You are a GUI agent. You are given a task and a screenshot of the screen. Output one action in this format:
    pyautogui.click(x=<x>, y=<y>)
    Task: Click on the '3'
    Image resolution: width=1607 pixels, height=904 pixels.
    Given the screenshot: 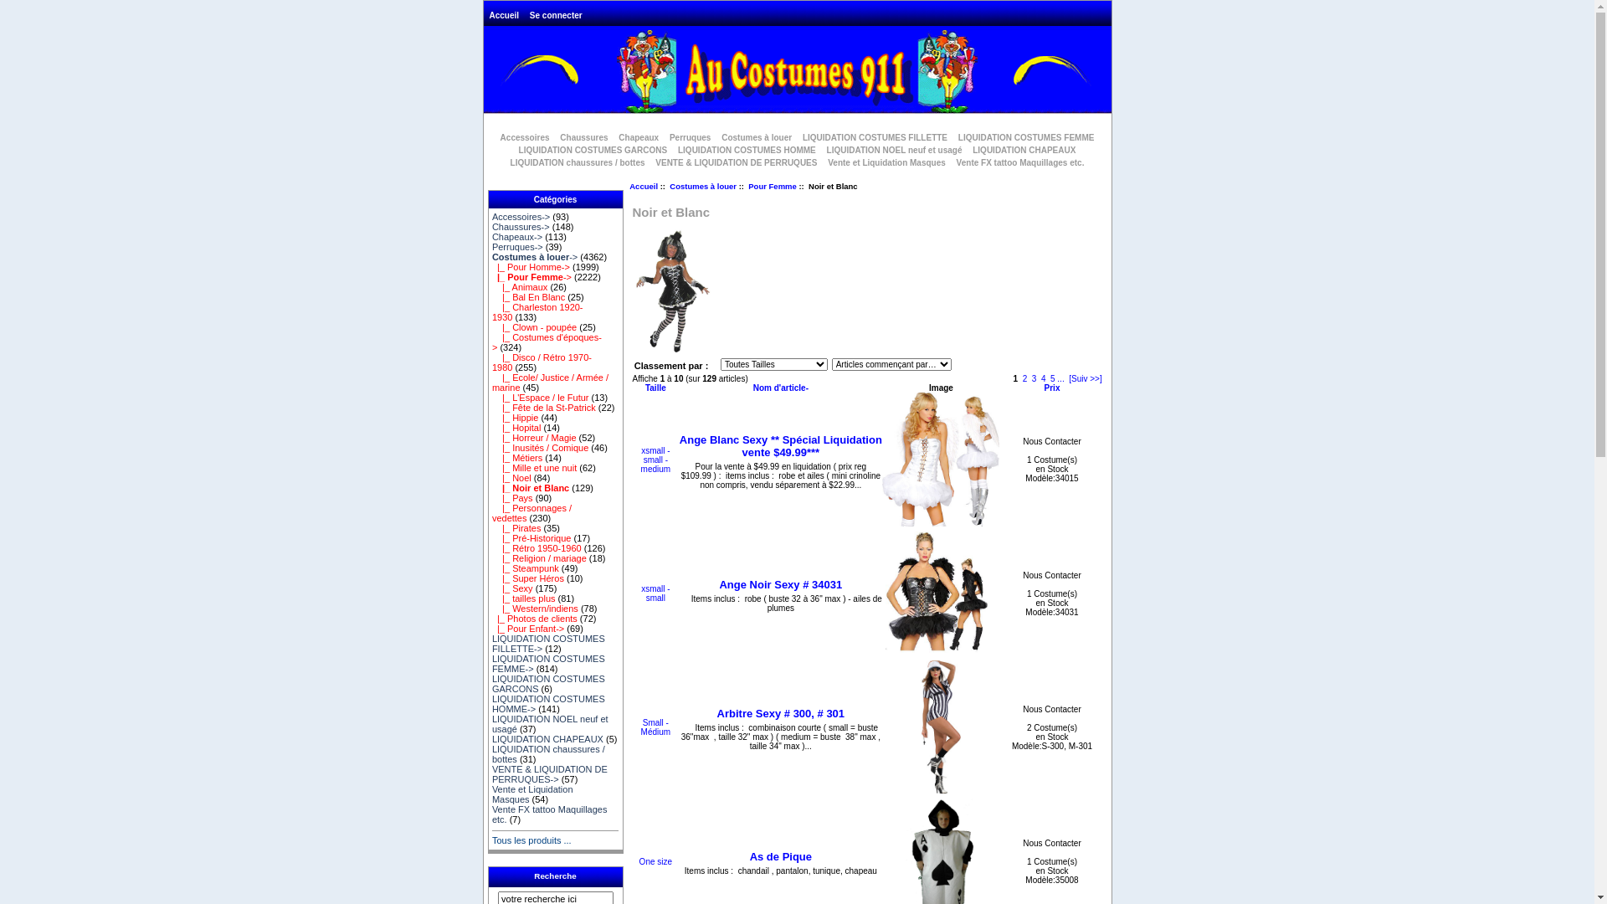 What is the action you would take?
    pyautogui.click(x=1034, y=378)
    